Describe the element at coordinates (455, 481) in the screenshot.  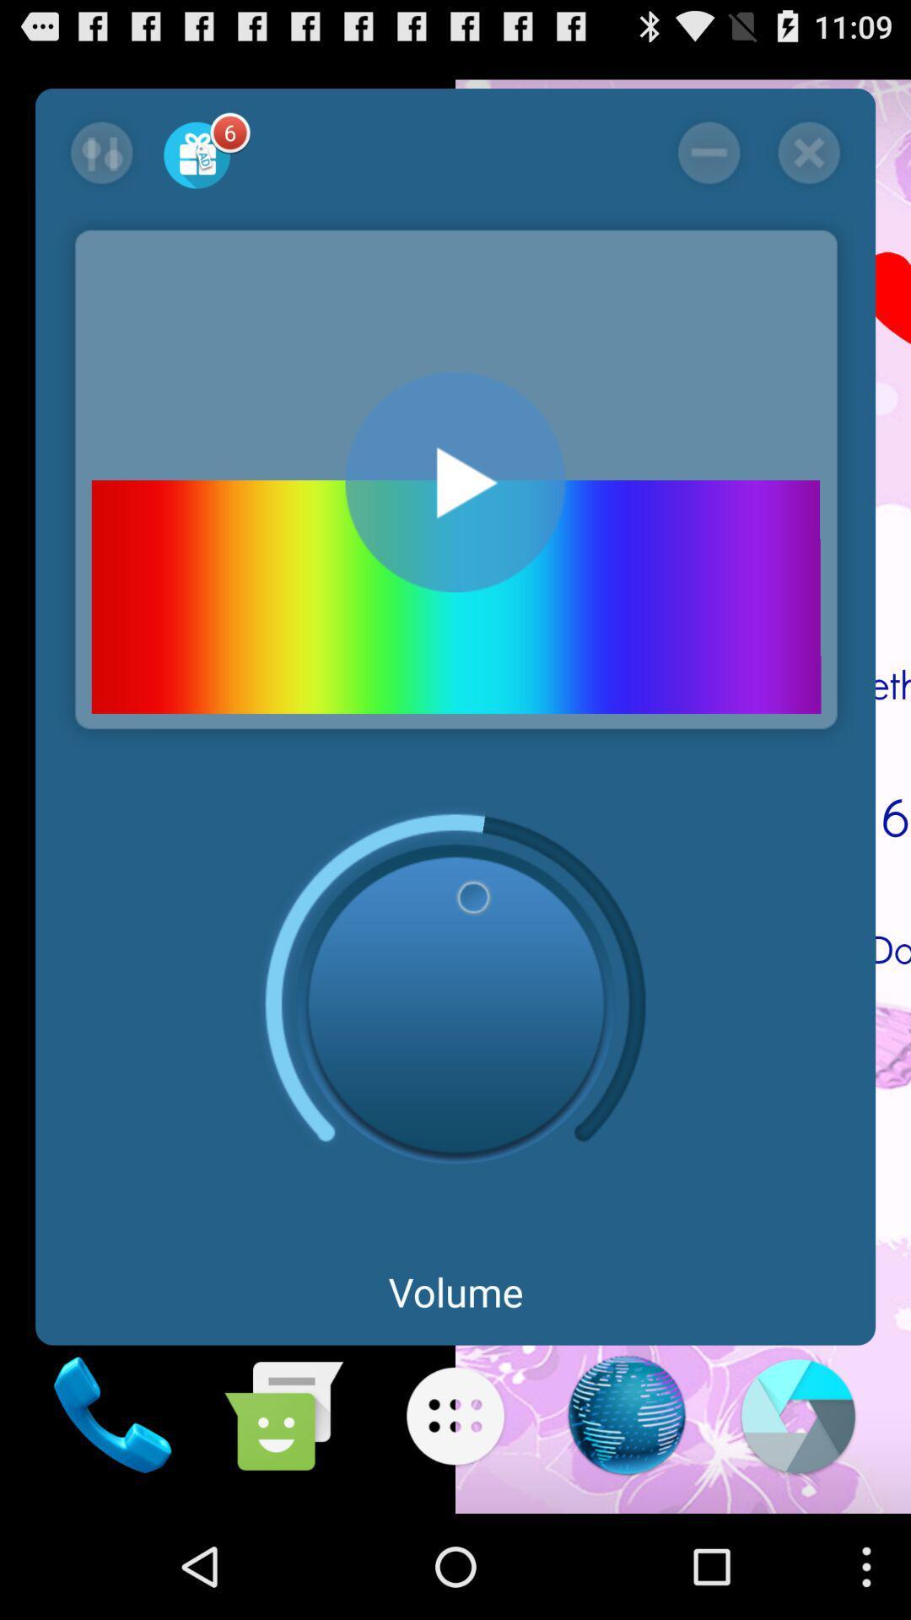
I see `play` at that location.